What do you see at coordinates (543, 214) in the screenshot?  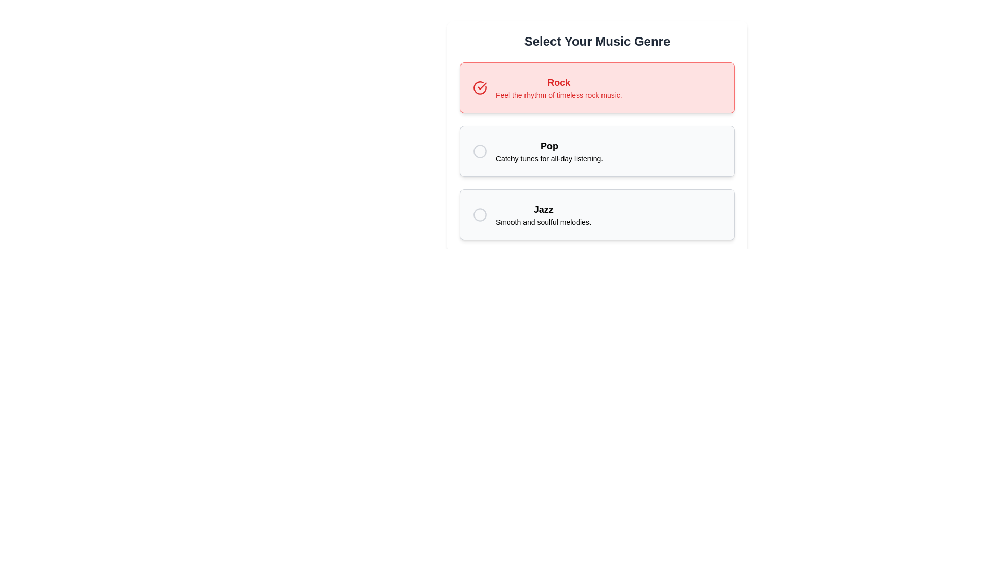 I see `the 'Jazz' text option in the bottom card of the vertical list of genres to interact with it` at bounding box center [543, 214].